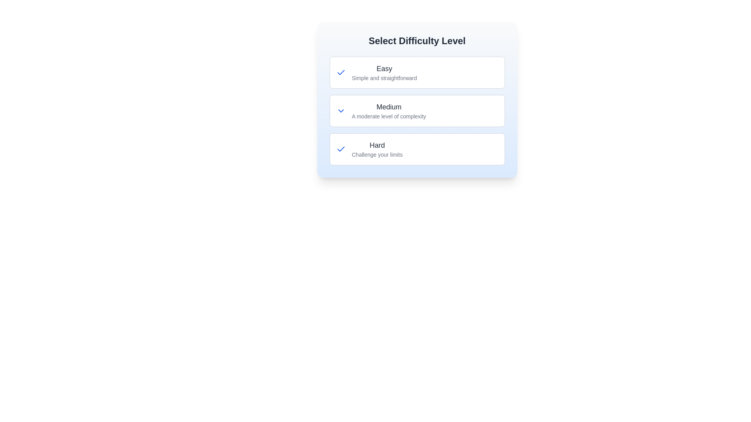 This screenshot has height=422, width=751. What do you see at coordinates (417, 111) in the screenshot?
I see `the 'Medium' difficulty selectable list item, which is the second item in the vertical list of difficulty levels, featuring a bold title and a white background` at bounding box center [417, 111].